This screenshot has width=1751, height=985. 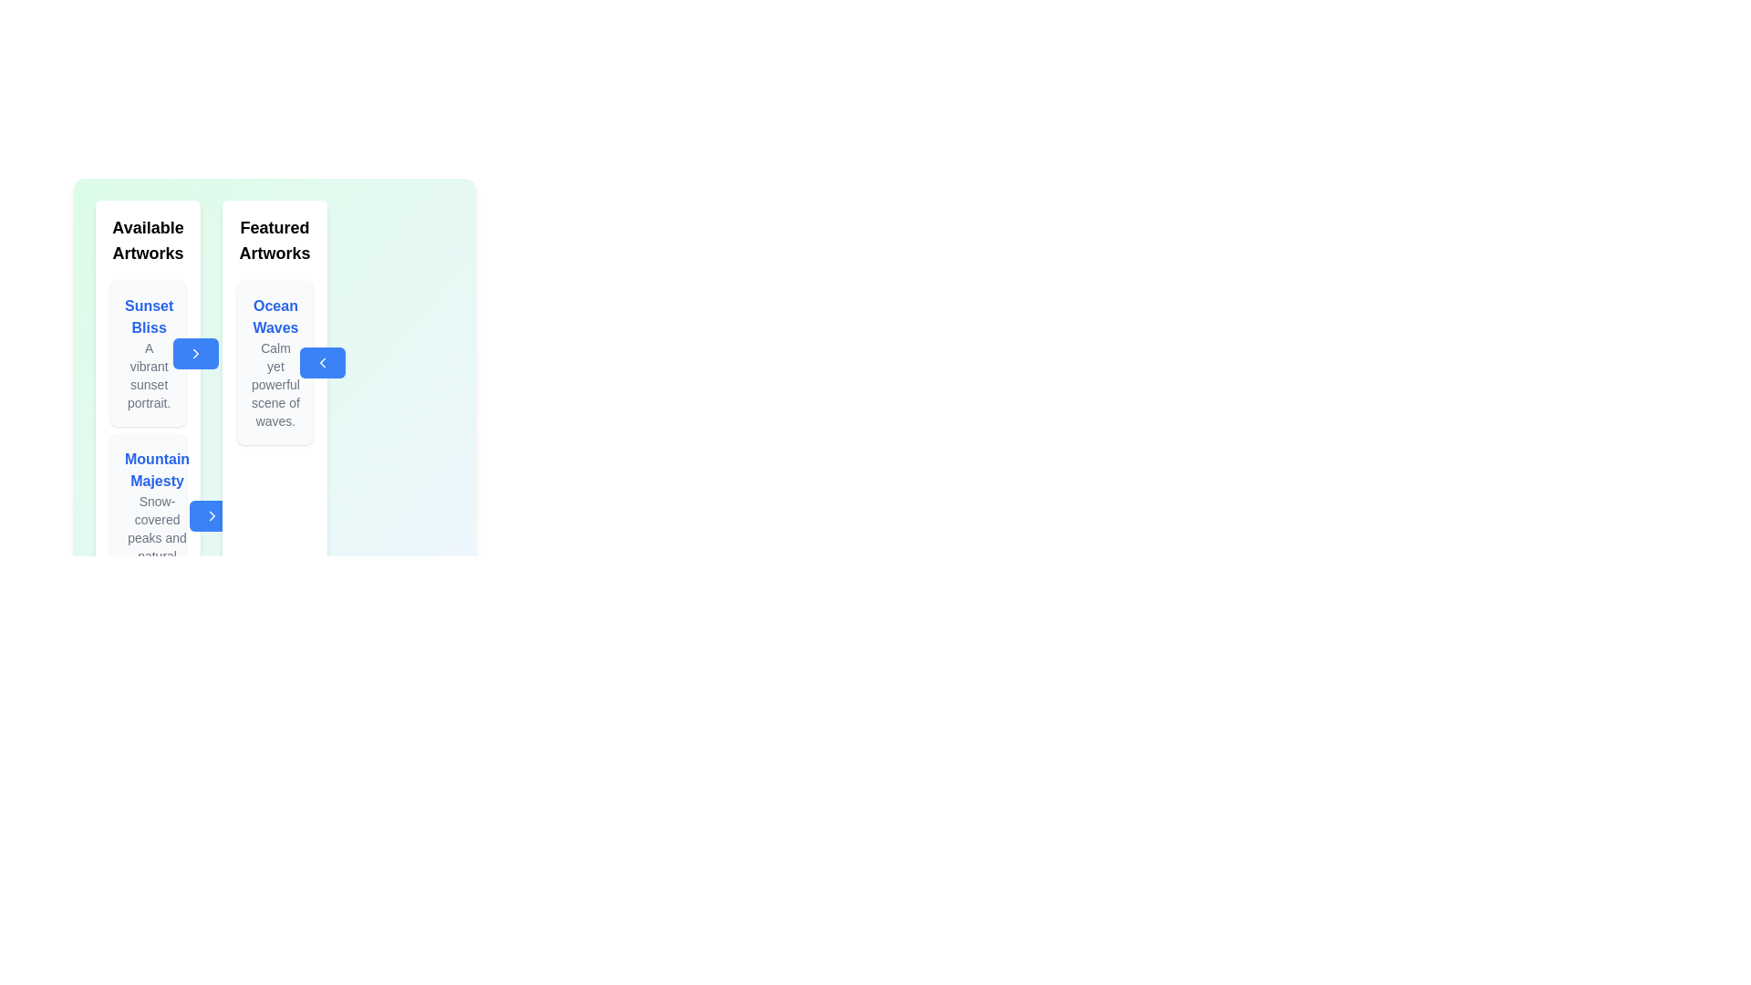 What do you see at coordinates (157, 516) in the screenshot?
I see `the details of the artwork titled Mountain Majesty` at bounding box center [157, 516].